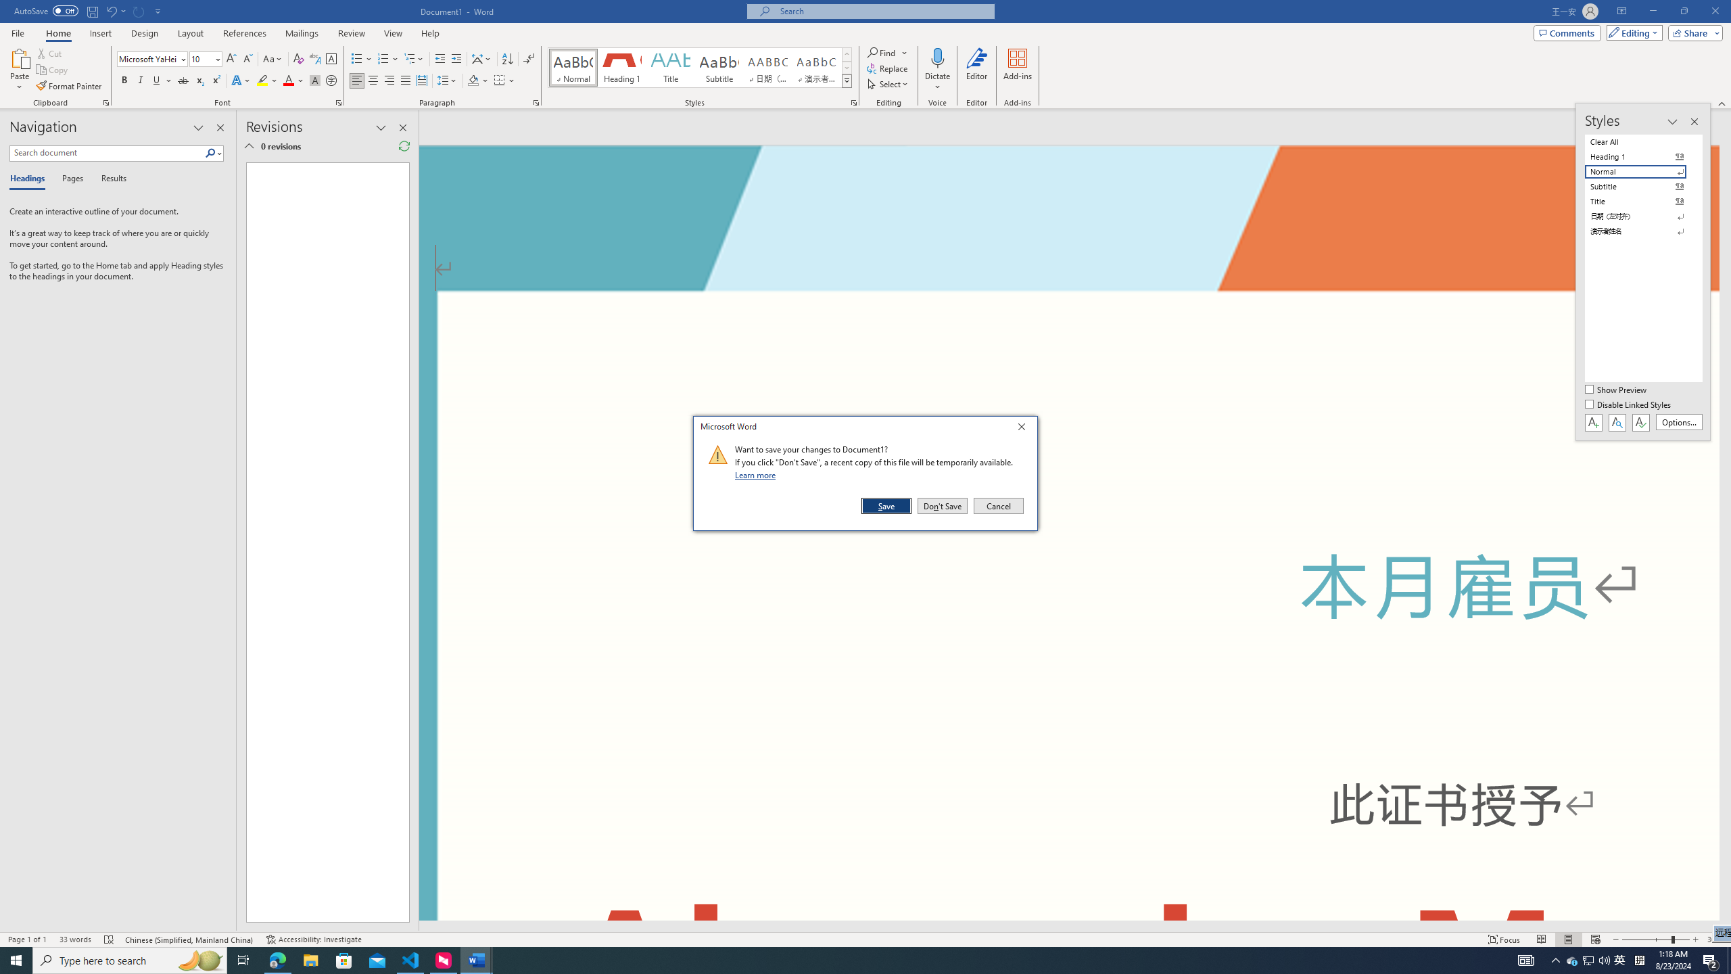  What do you see at coordinates (888, 67) in the screenshot?
I see `'Replace...'` at bounding box center [888, 67].